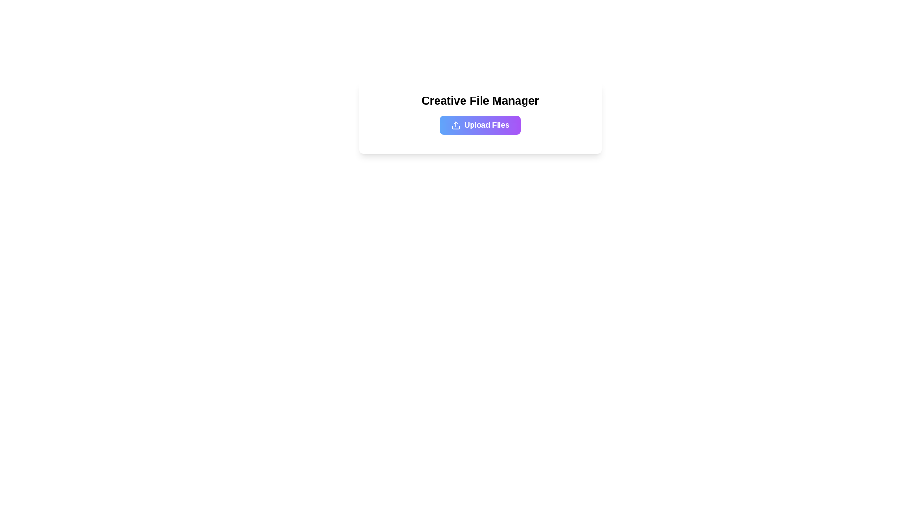 The image size is (909, 511). What do you see at coordinates (455, 125) in the screenshot?
I see `the upload icon located to the left of the 'Upload Files' button to initiate the upload action` at bounding box center [455, 125].